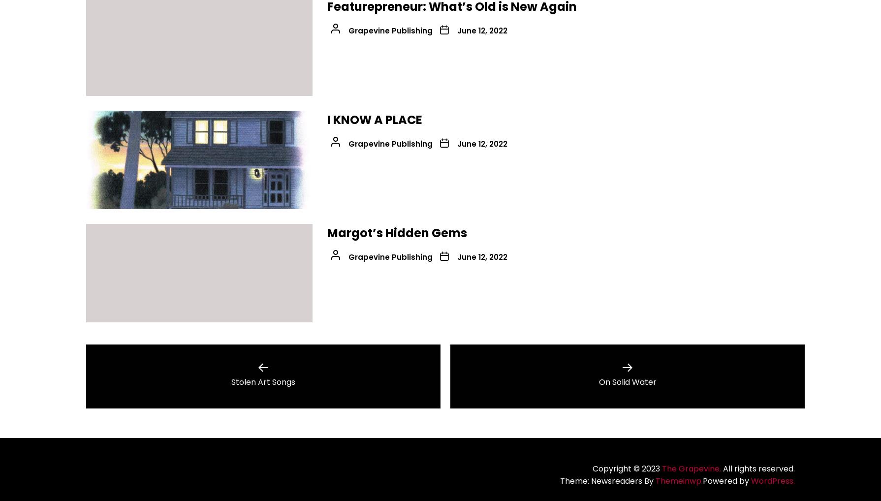 Image resolution: width=881 pixels, height=501 pixels. What do you see at coordinates (627, 468) in the screenshot?
I see `'Copyright © 2023'` at bounding box center [627, 468].